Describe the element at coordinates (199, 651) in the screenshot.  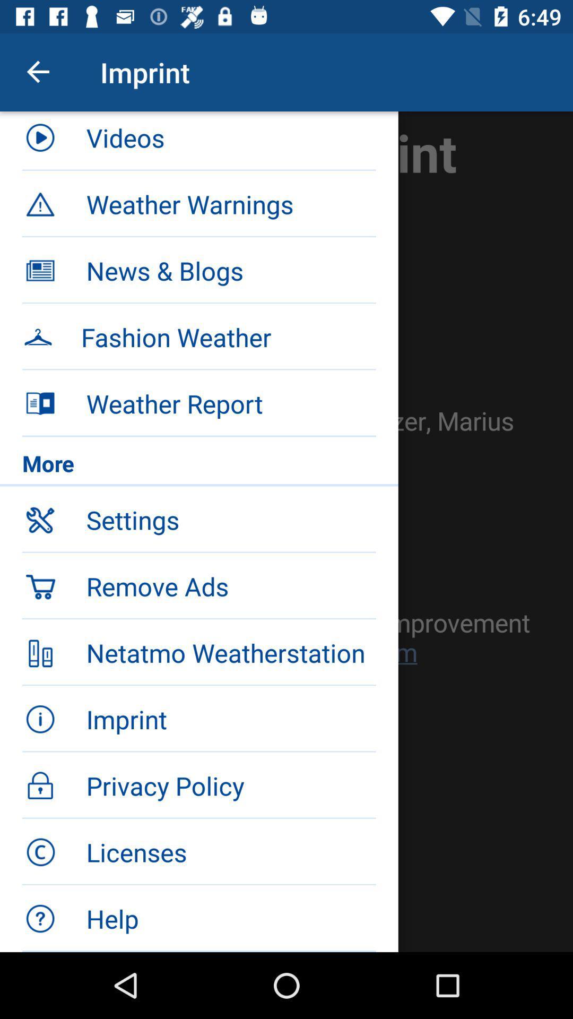
I see `item below the remove ads item` at that location.